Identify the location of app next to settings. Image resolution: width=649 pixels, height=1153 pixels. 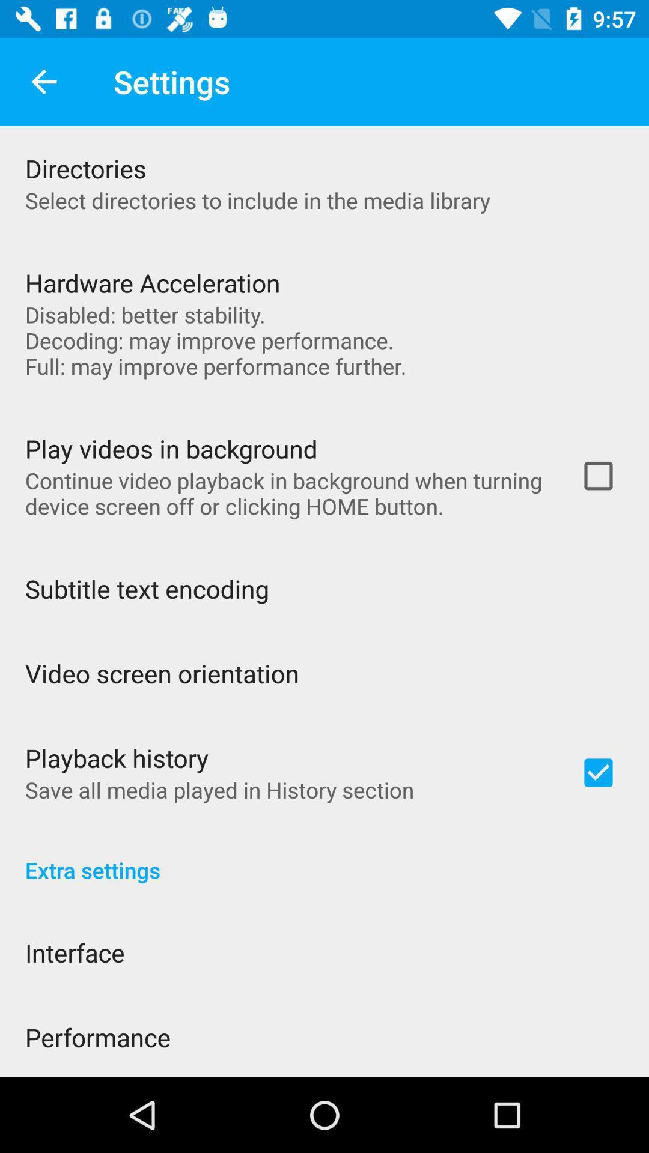
(43, 81).